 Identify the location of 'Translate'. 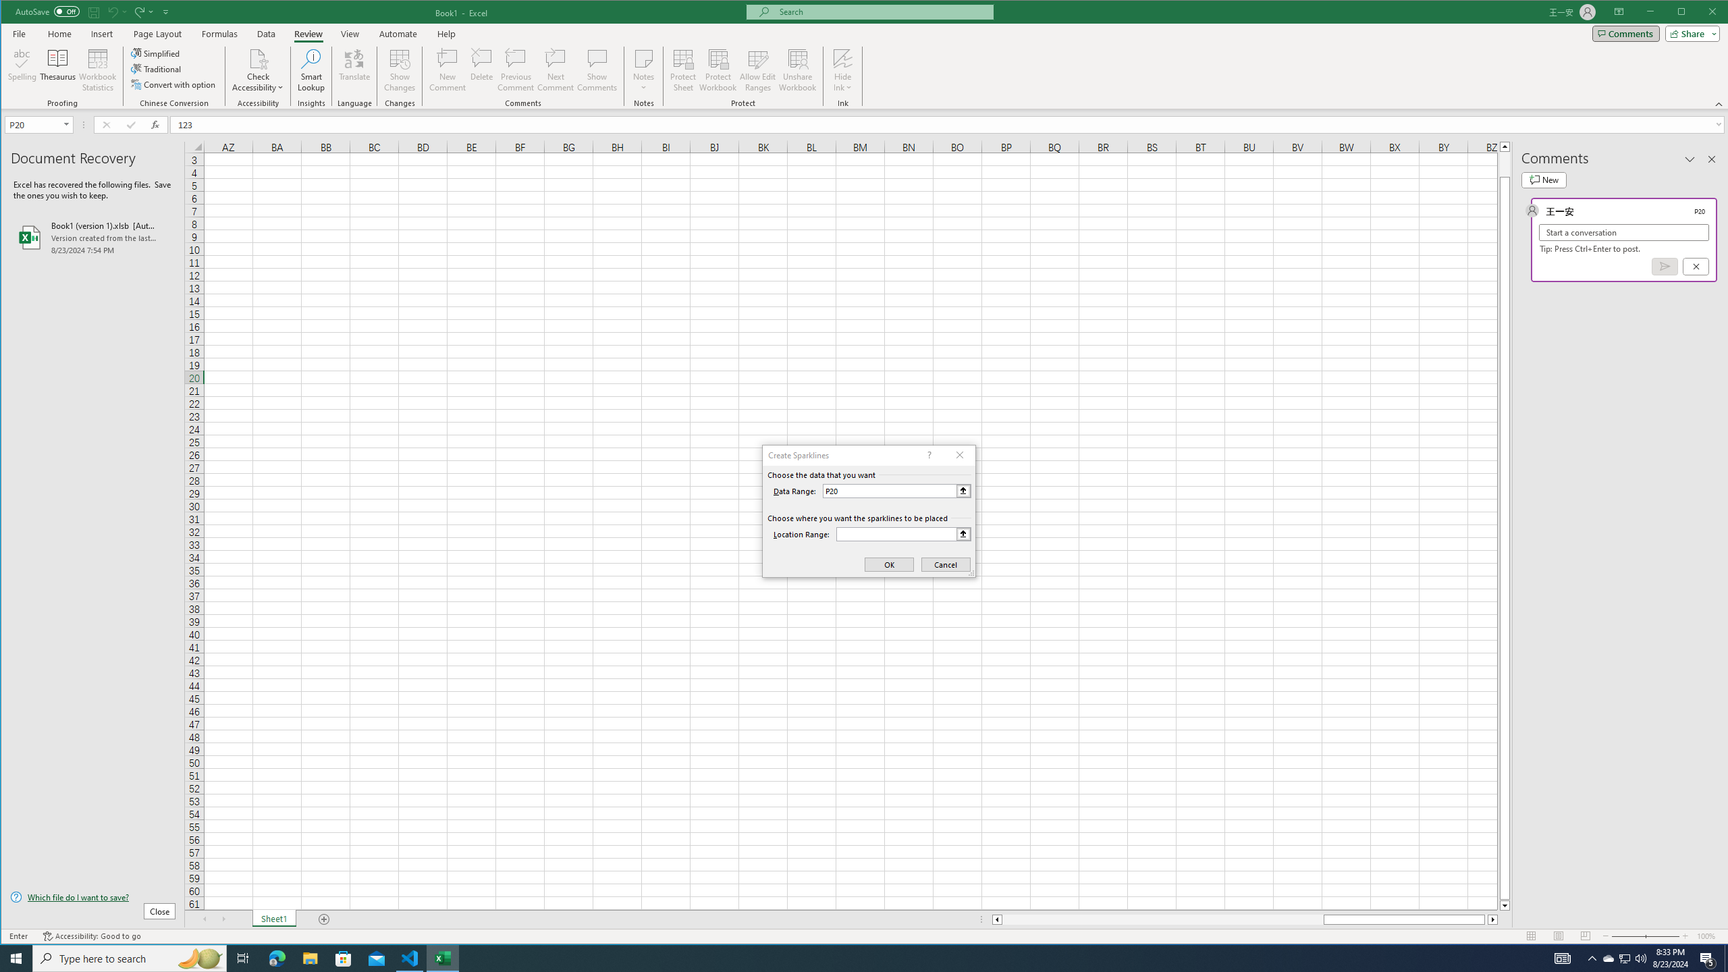
(353, 70).